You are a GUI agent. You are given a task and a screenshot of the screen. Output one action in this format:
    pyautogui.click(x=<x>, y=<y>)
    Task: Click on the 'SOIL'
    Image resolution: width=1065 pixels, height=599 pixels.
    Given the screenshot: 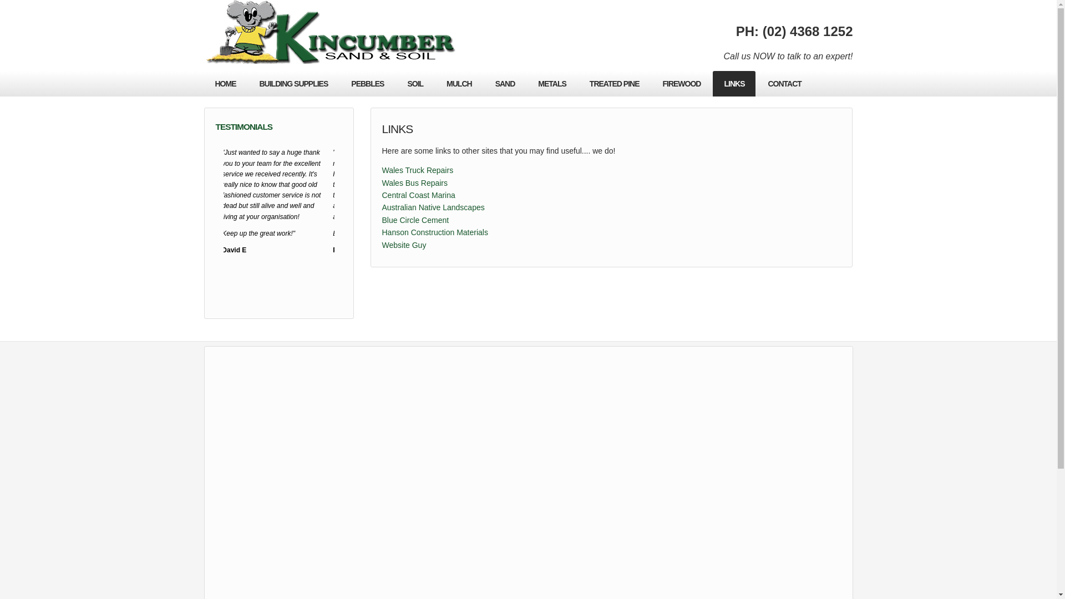 What is the action you would take?
    pyautogui.click(x=414, y=83)
    